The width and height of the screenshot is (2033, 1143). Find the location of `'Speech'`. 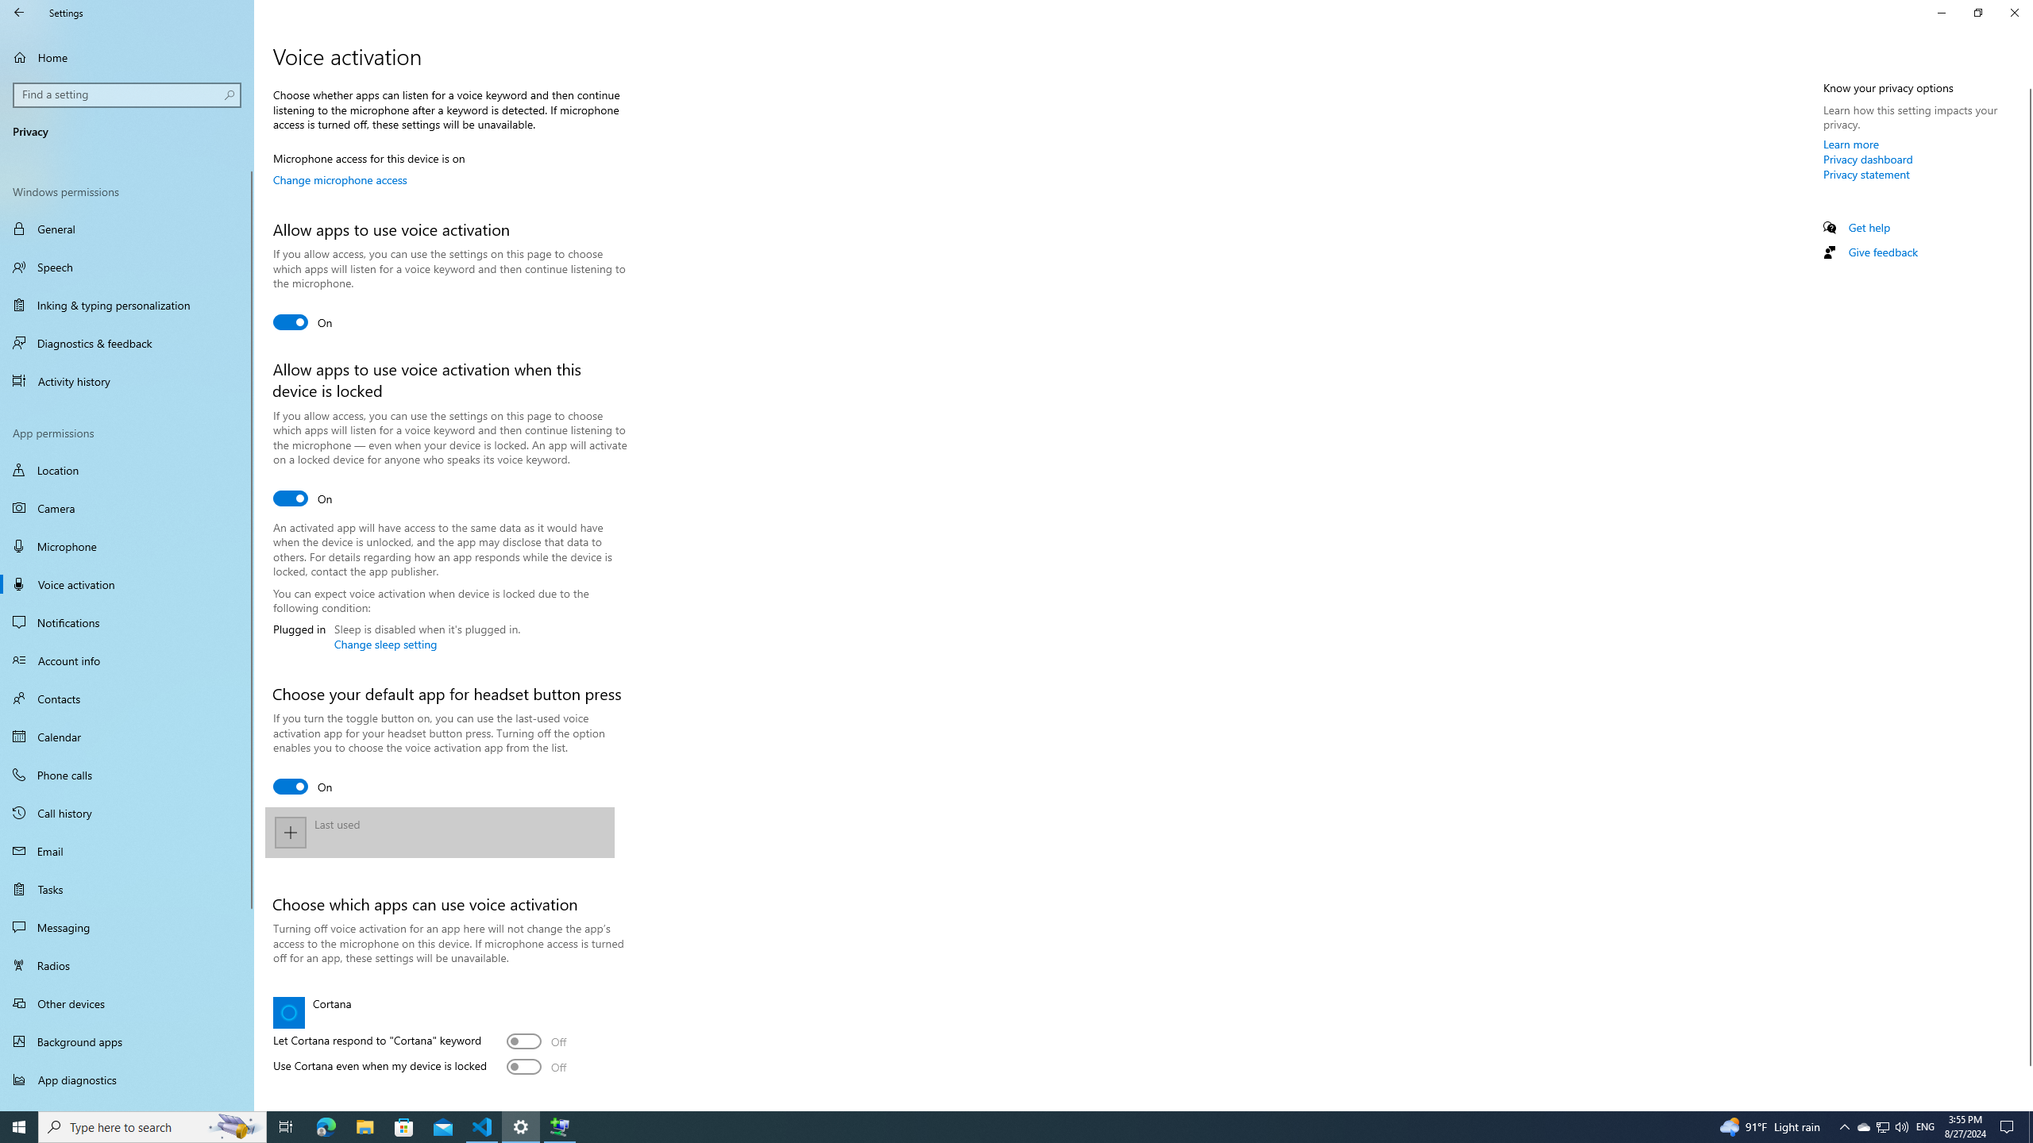

'Speech' is located at coordinates (126, 267).